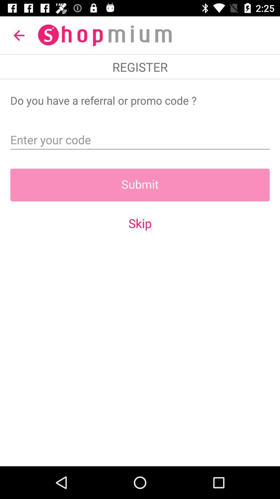 This screenshot has height=499, width=280. What do you see at coordinates (140, 185) in the screenshot?
I see `the item above the skip item` at bounding box center [140, 185].